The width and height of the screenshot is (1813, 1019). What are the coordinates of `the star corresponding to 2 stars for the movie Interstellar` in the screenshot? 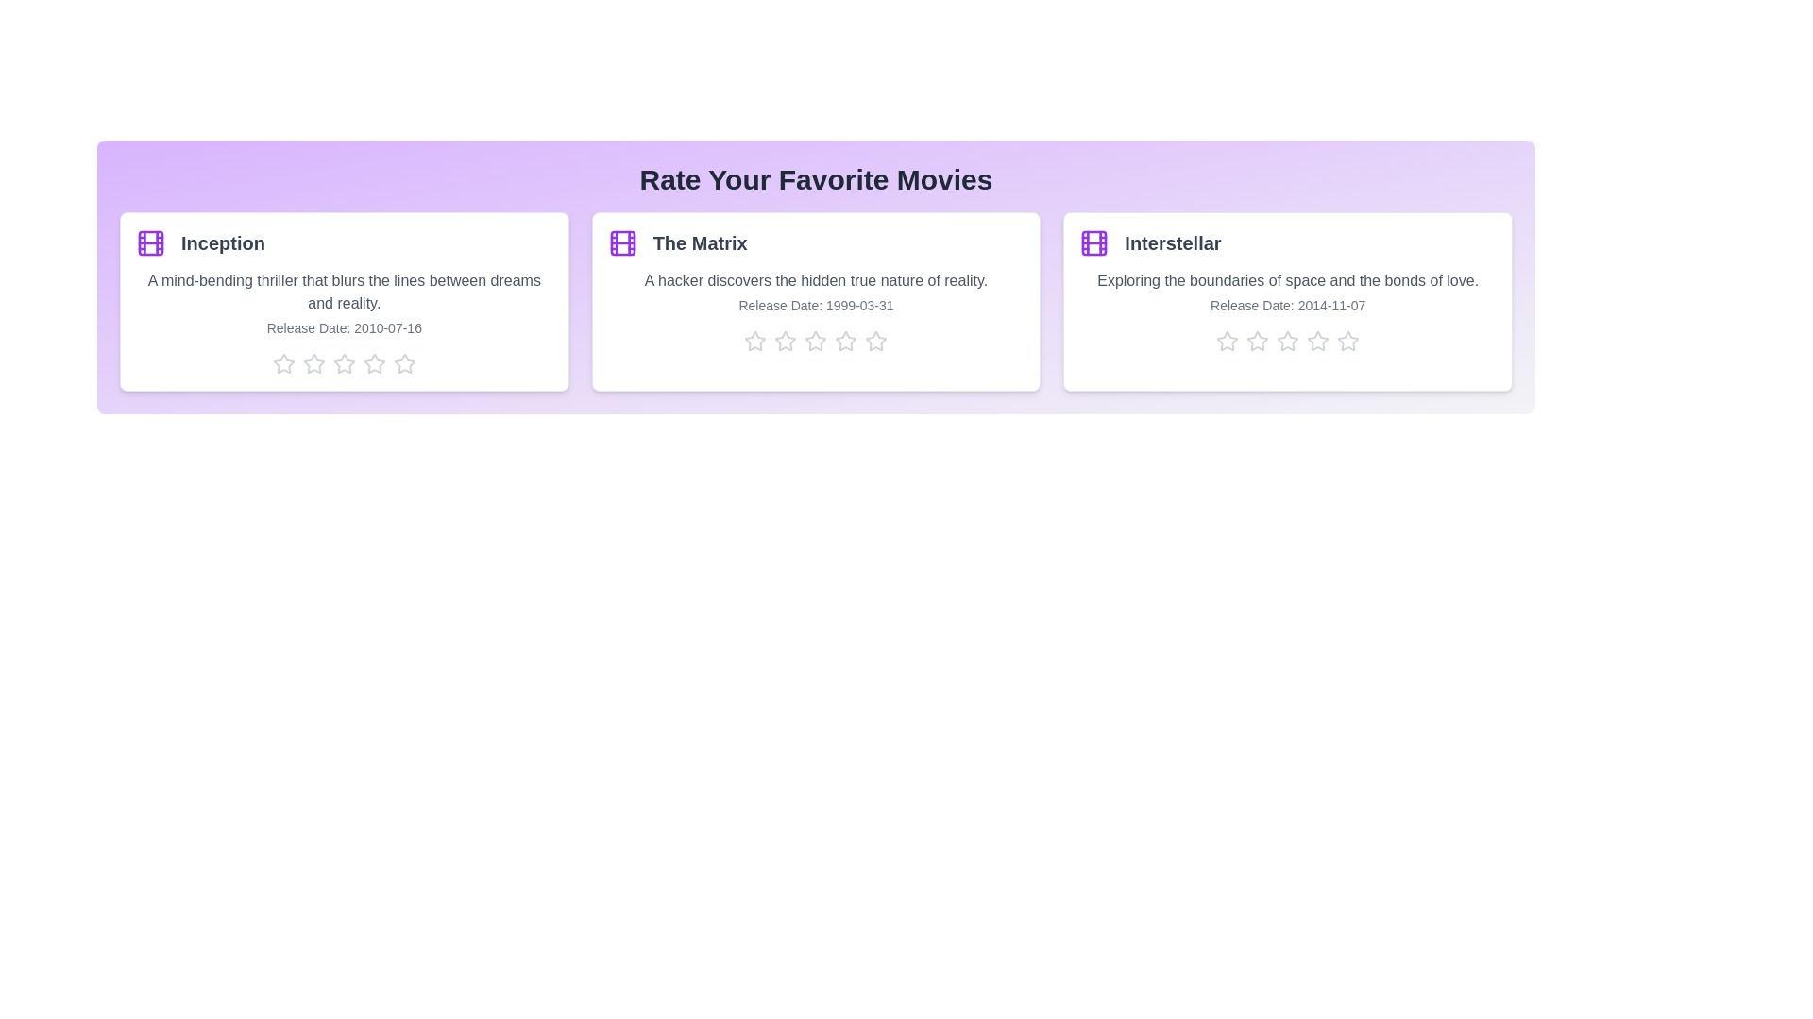 It's located at (1258, 342).